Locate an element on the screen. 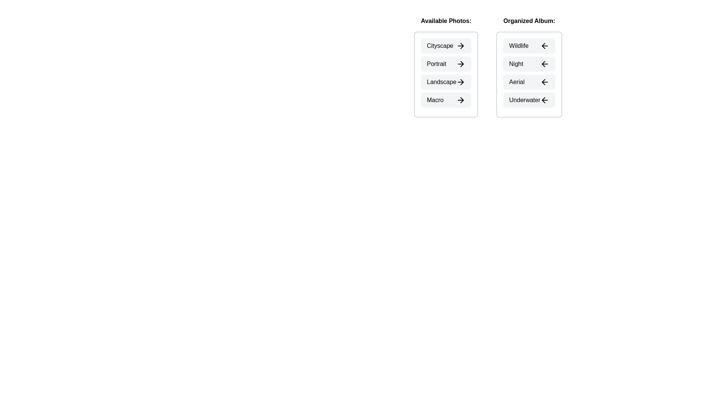  left arrow icon next to the photo Night in the Organized Album section to transfer it to the Available Photos section is located at coordinates (545, 63).